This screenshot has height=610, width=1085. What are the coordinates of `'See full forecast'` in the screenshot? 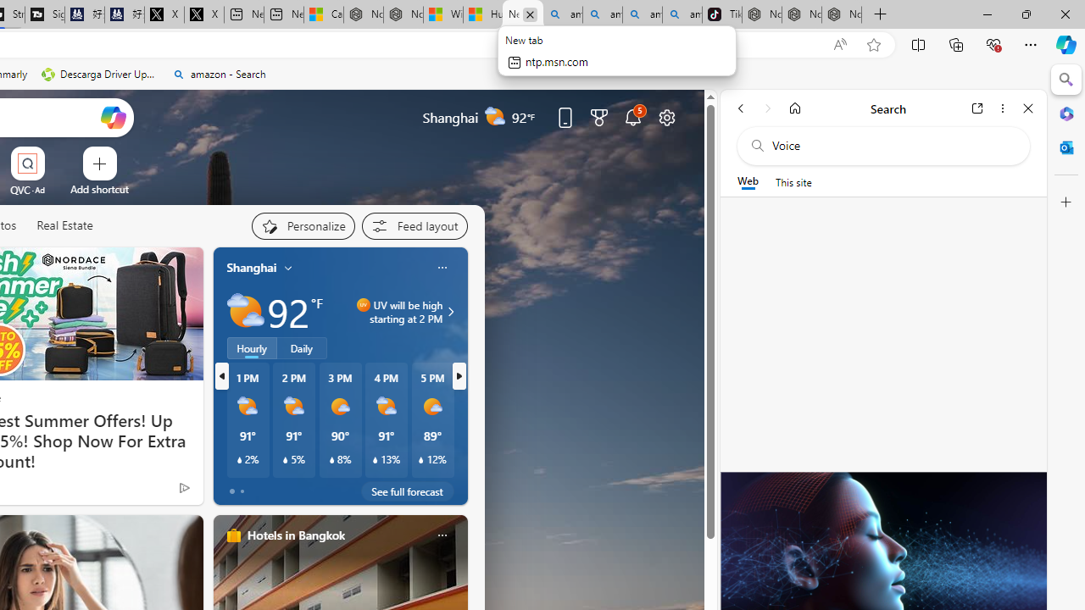 It's located at (407, 491).